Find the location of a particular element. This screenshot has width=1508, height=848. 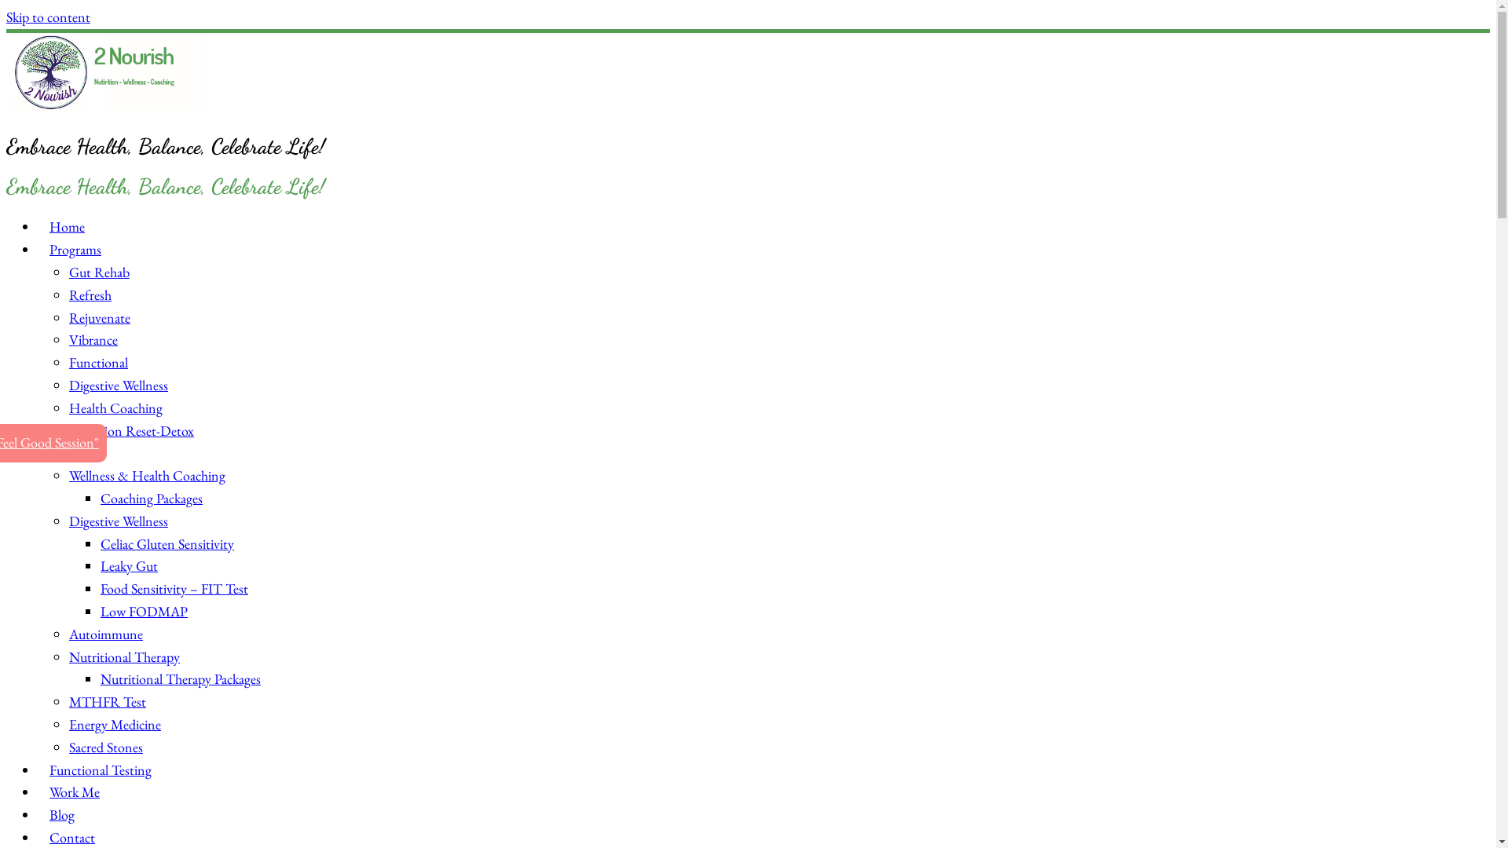

'Functional' is located at coordinates (97, 362).